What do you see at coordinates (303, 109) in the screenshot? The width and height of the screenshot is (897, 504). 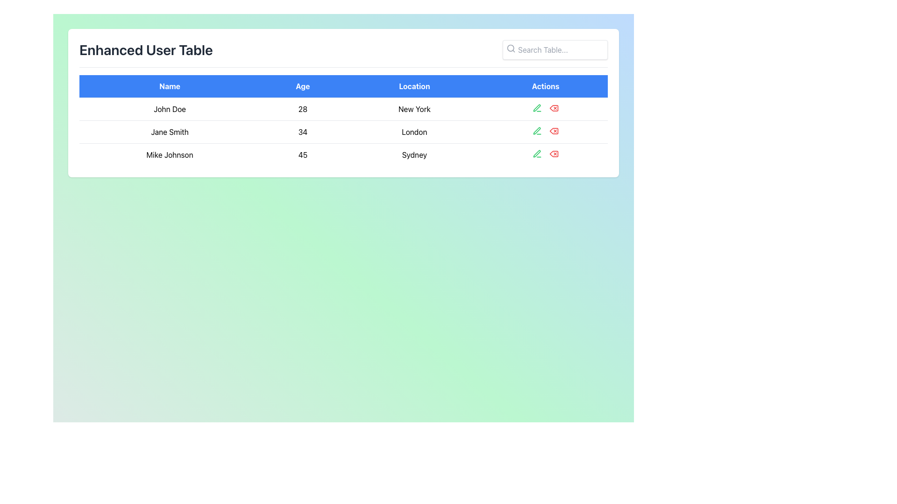 I see `the text displaying the age value for 'John Doe' in the 'Age' column of the table` at bounding box center [303, 109].